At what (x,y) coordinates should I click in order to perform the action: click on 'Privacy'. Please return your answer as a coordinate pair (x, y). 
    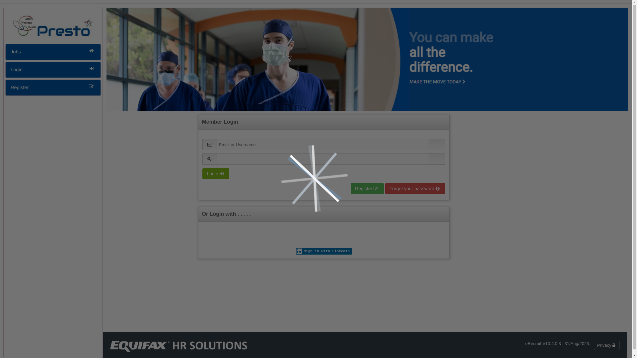
    Looking at the image, I should click on (594, 345).